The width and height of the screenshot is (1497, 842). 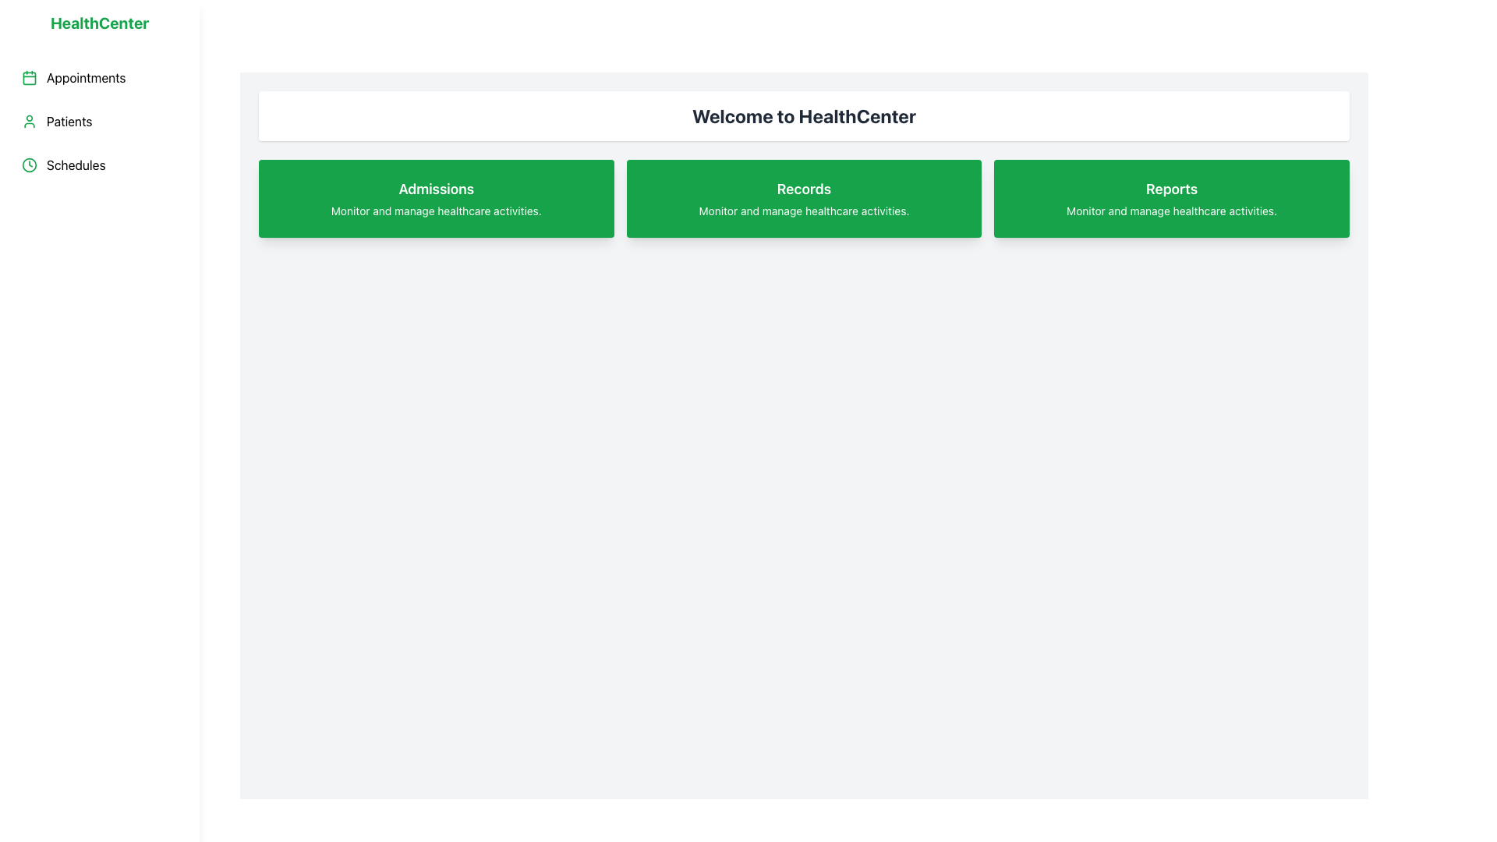 What do you see at coordinates (30, 78) in the screenshot?
I see `the rounded rectangle element that visually represents a date or calendar day within the calendar icon in the left-hand navigation menu` at bounding box center [30, 78].